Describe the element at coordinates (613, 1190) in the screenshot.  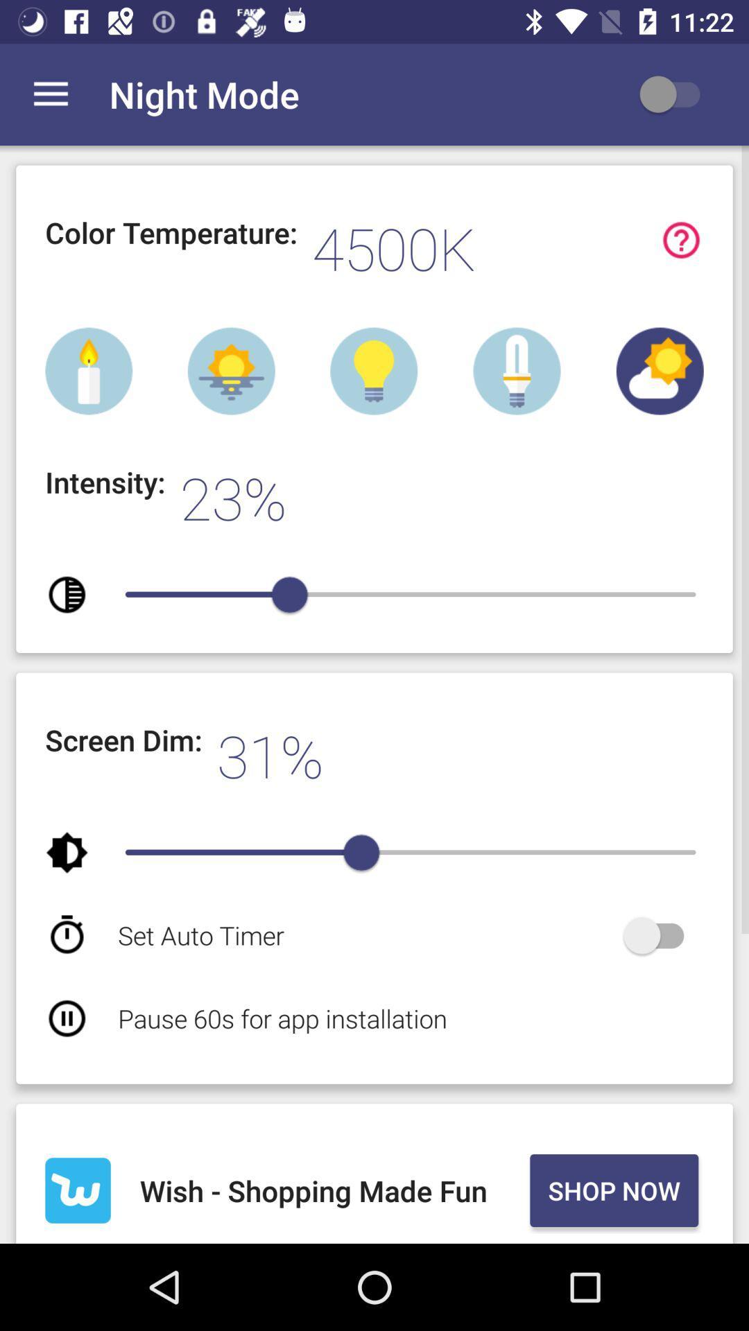
I see `the item next to the wish shopping made item` at that location.